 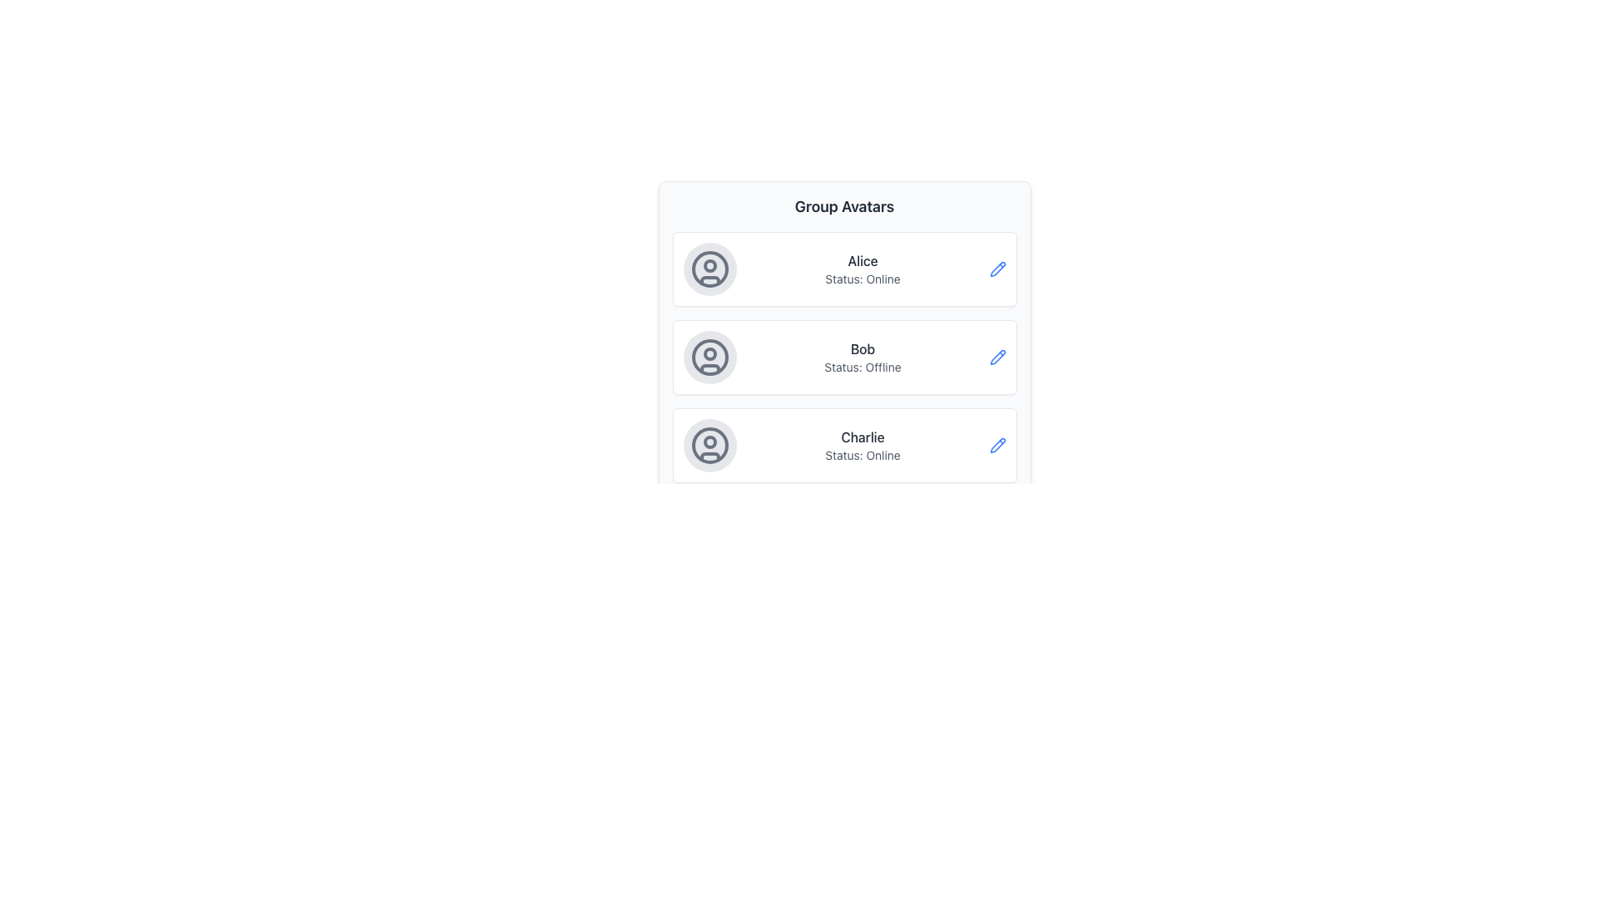 What do you see at coordinates (710, 269) in the screenshot?
I see `the profile avatar icon representing the user 'Alice', located on the left side of the card at the top of the vertical list` at bounding box center [710, 269].